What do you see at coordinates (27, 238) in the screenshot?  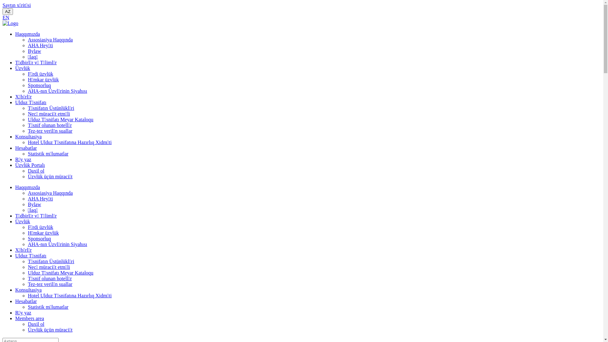 I see `'Sponsorluq'` at bounding box center [27, 238].